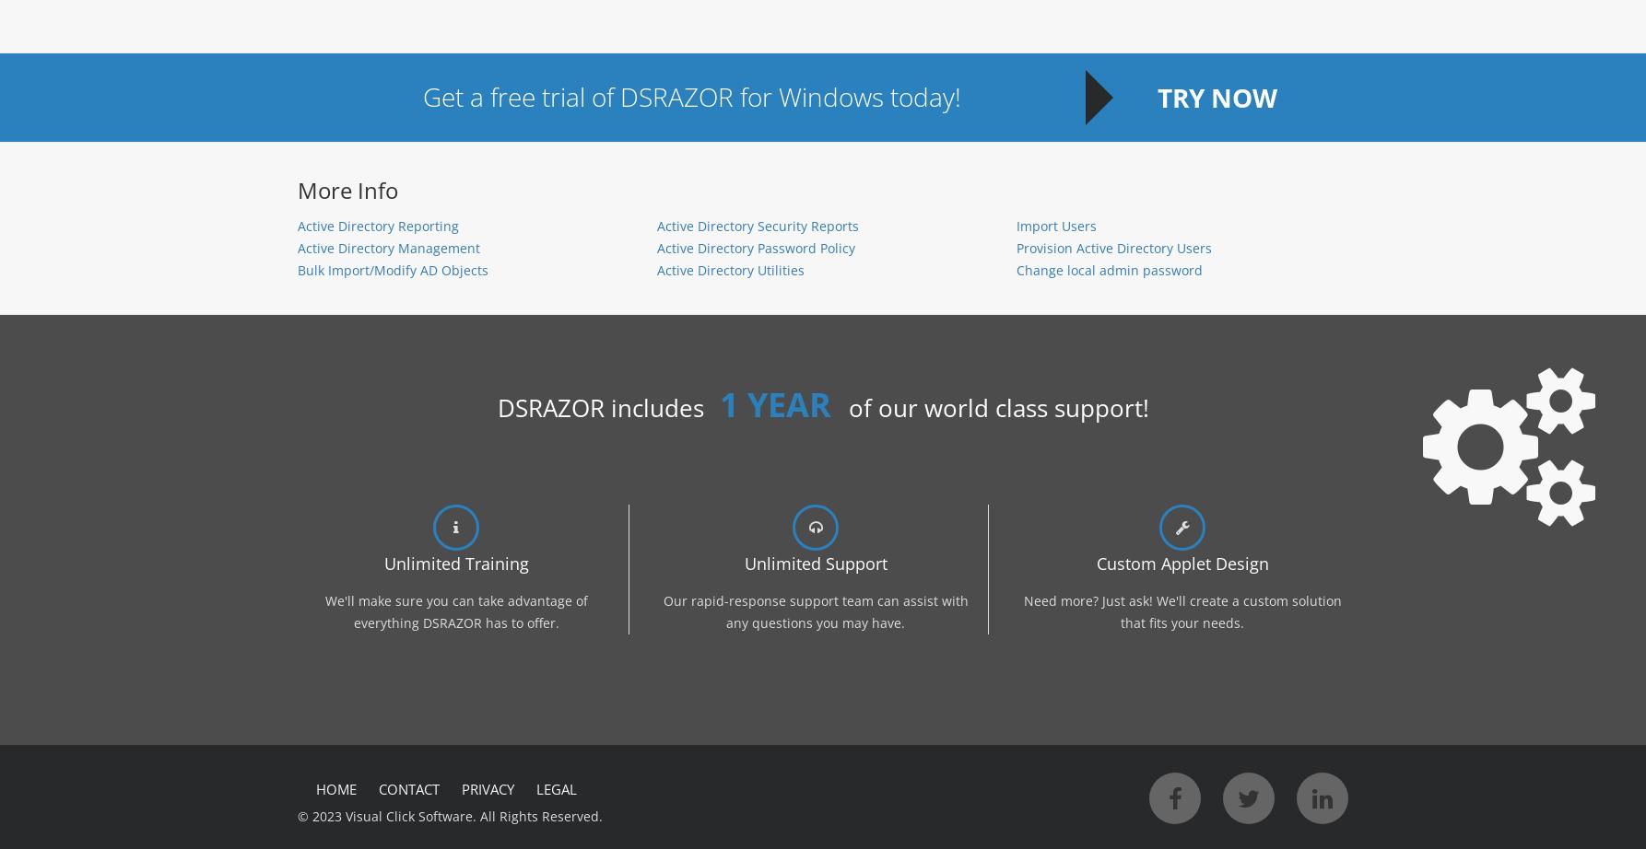 The width and height of the screenshot is (1646, 849). What do you see at coordinates (689, 97) in the screenshot?
I see `'Get a free trial of DSRAZOR for Windows today!'` at bounding box center [689, 97].